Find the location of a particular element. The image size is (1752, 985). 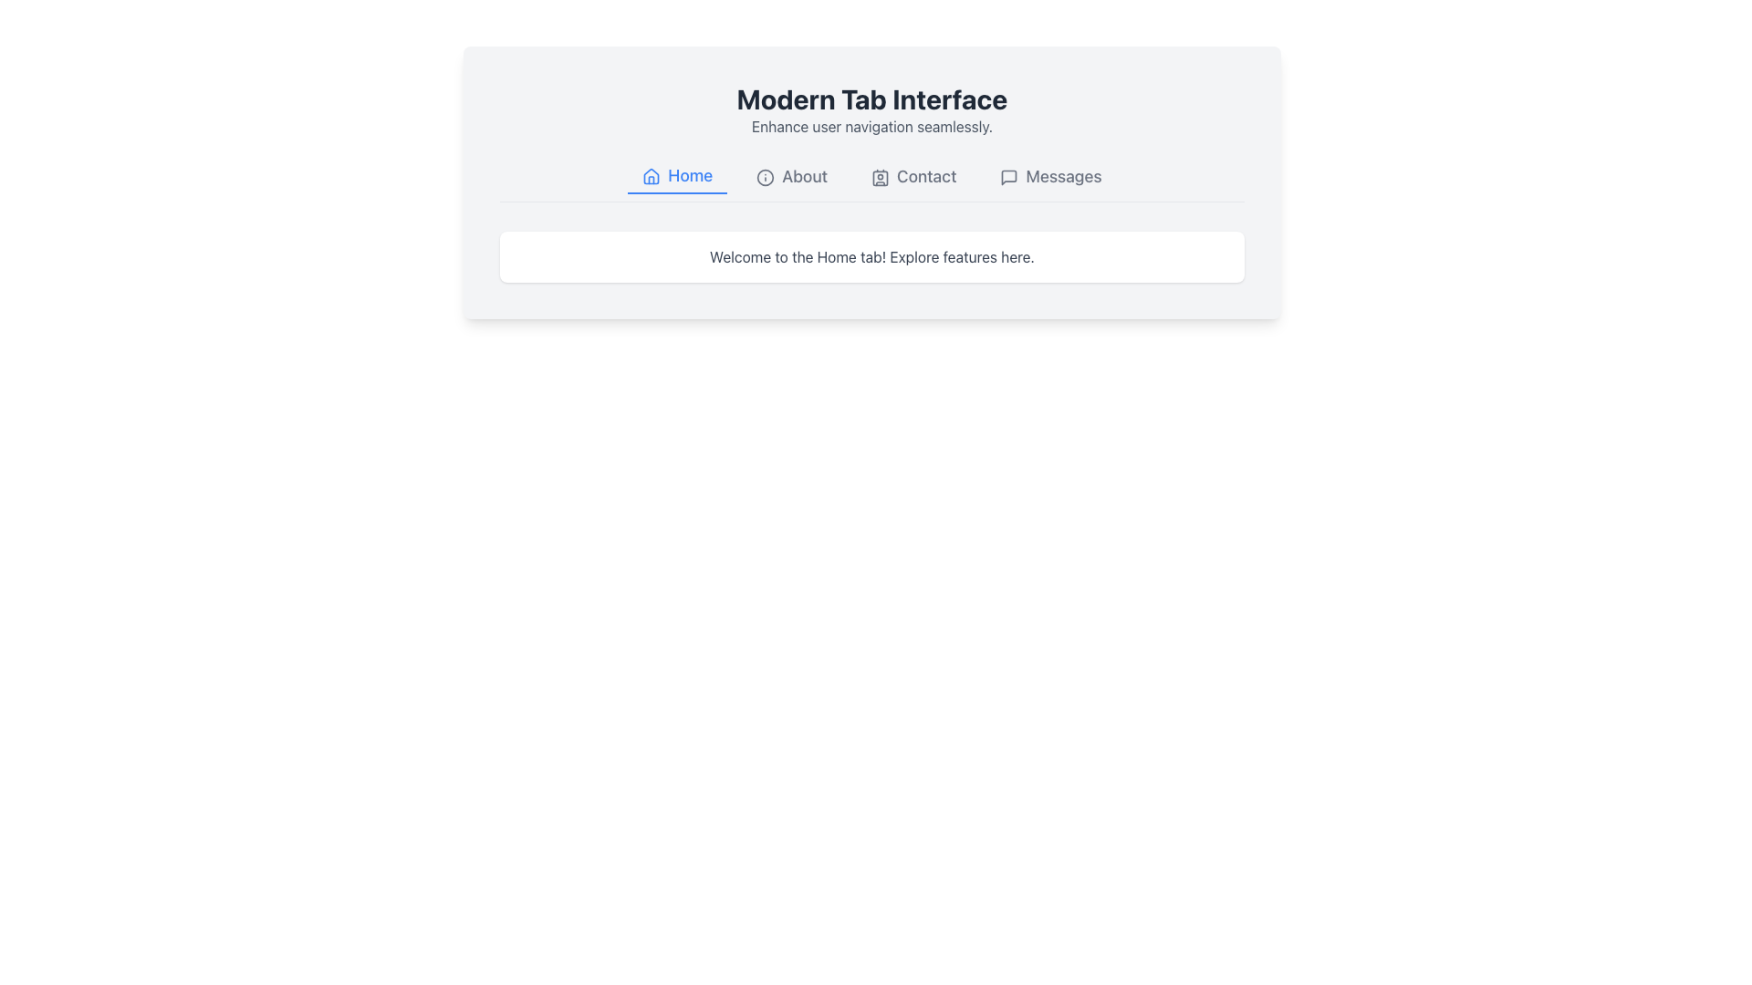

the Text Label that serves as a subtitle or descriptive text, positioned below the header 'Modern Tab Interface' is located at coordinates (871, 125).